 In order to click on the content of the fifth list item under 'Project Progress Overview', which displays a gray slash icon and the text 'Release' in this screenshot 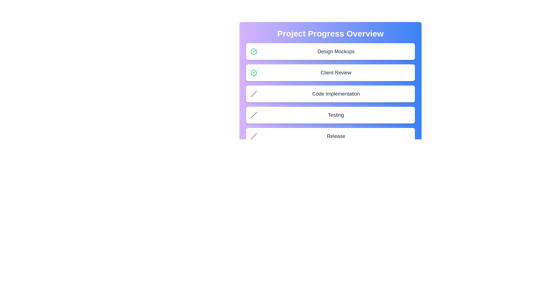, I will do `click(330, 136)`.